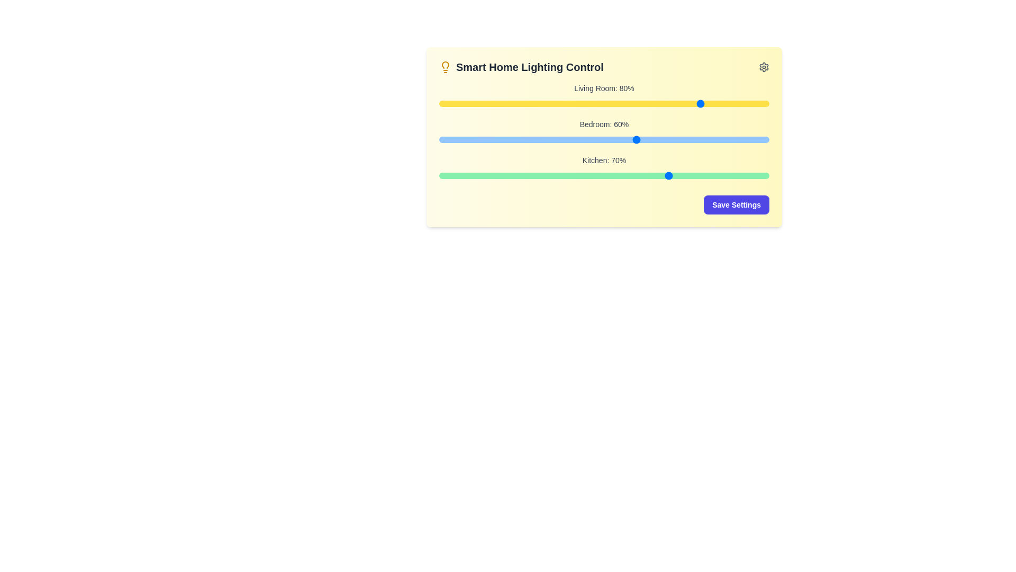  What do you see at coordinates (445, 65) in the screenshot?
I see `the smart home lighting icon located in the top-left corner of the 'Smart Home Lighting Control' box` at bounding box center [445, 65].